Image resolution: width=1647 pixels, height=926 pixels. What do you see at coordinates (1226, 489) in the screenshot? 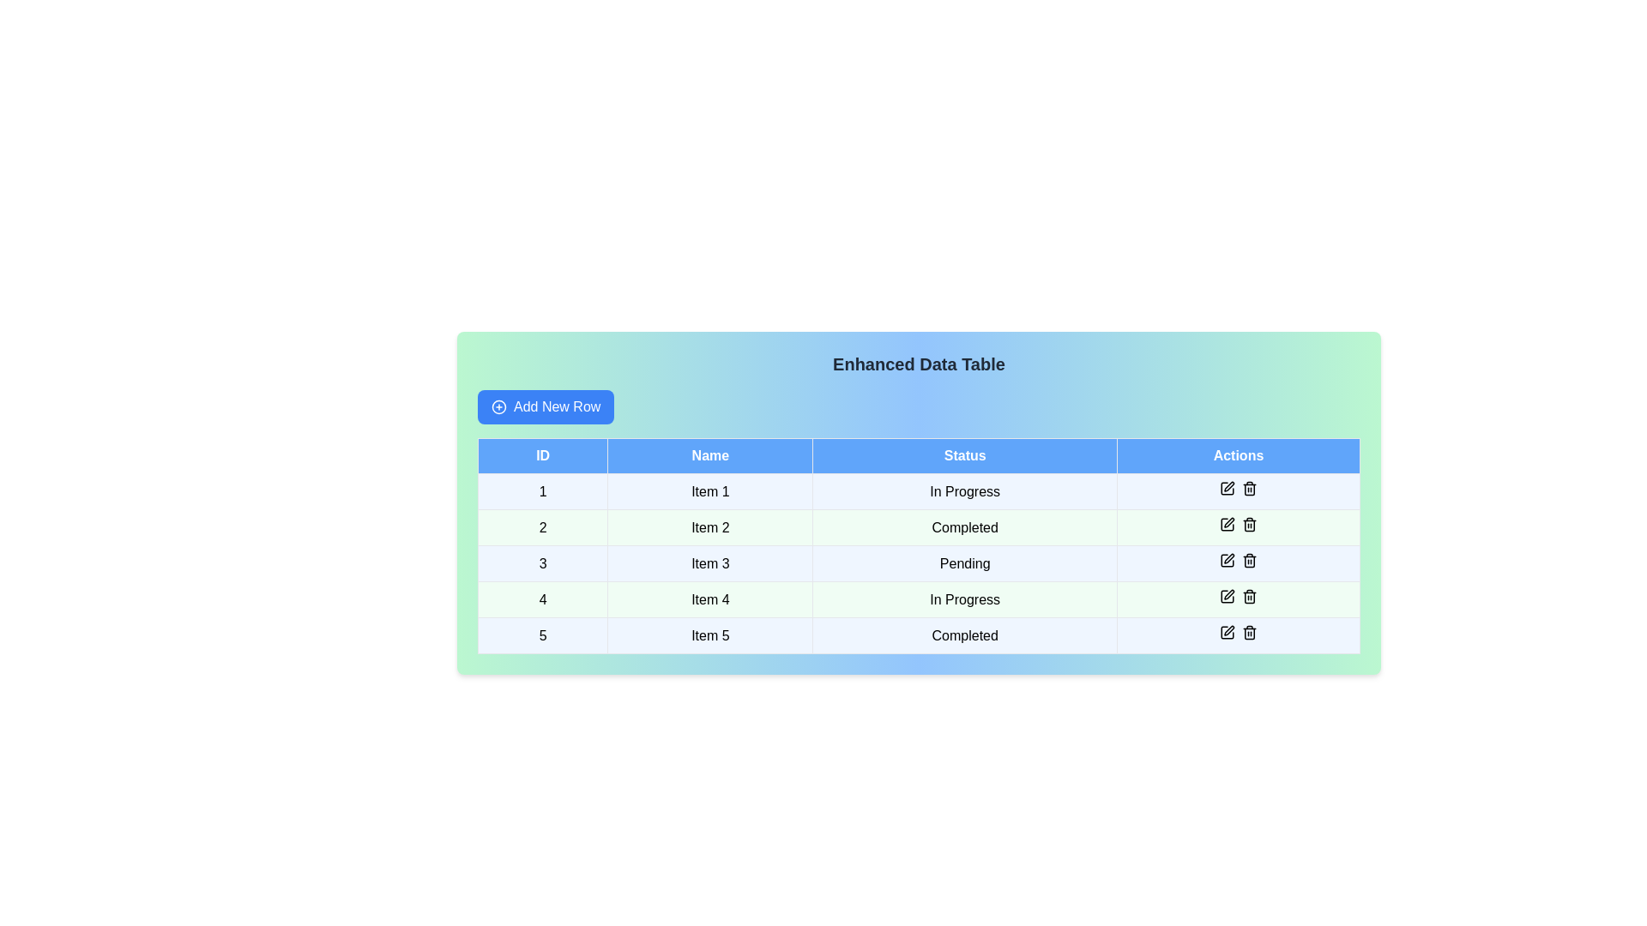
I see `the SVG icon in the 'Actions' column of the first row, 'Item 1', to initiate editing` at bounding box center [1226, 489].